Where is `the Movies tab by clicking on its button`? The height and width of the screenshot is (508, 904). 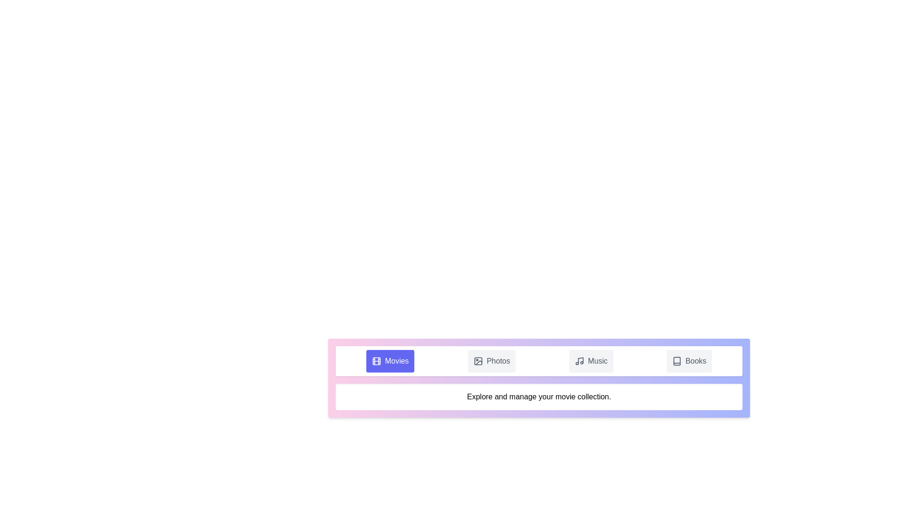 the Movies tab by clicking on its button is located at coordinates (390, 360).